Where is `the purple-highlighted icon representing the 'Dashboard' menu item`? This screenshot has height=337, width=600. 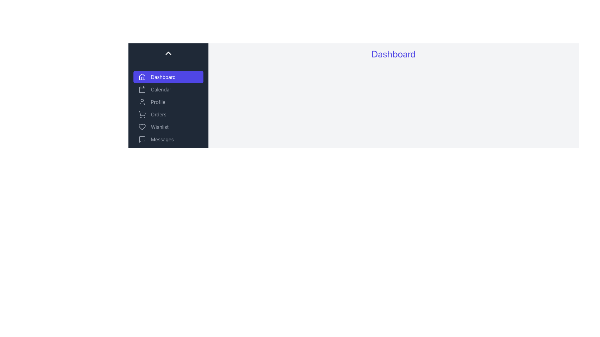 the purple-highlighted icon representing the 'Dashboard' menu item is located at coordinates (142, 76).